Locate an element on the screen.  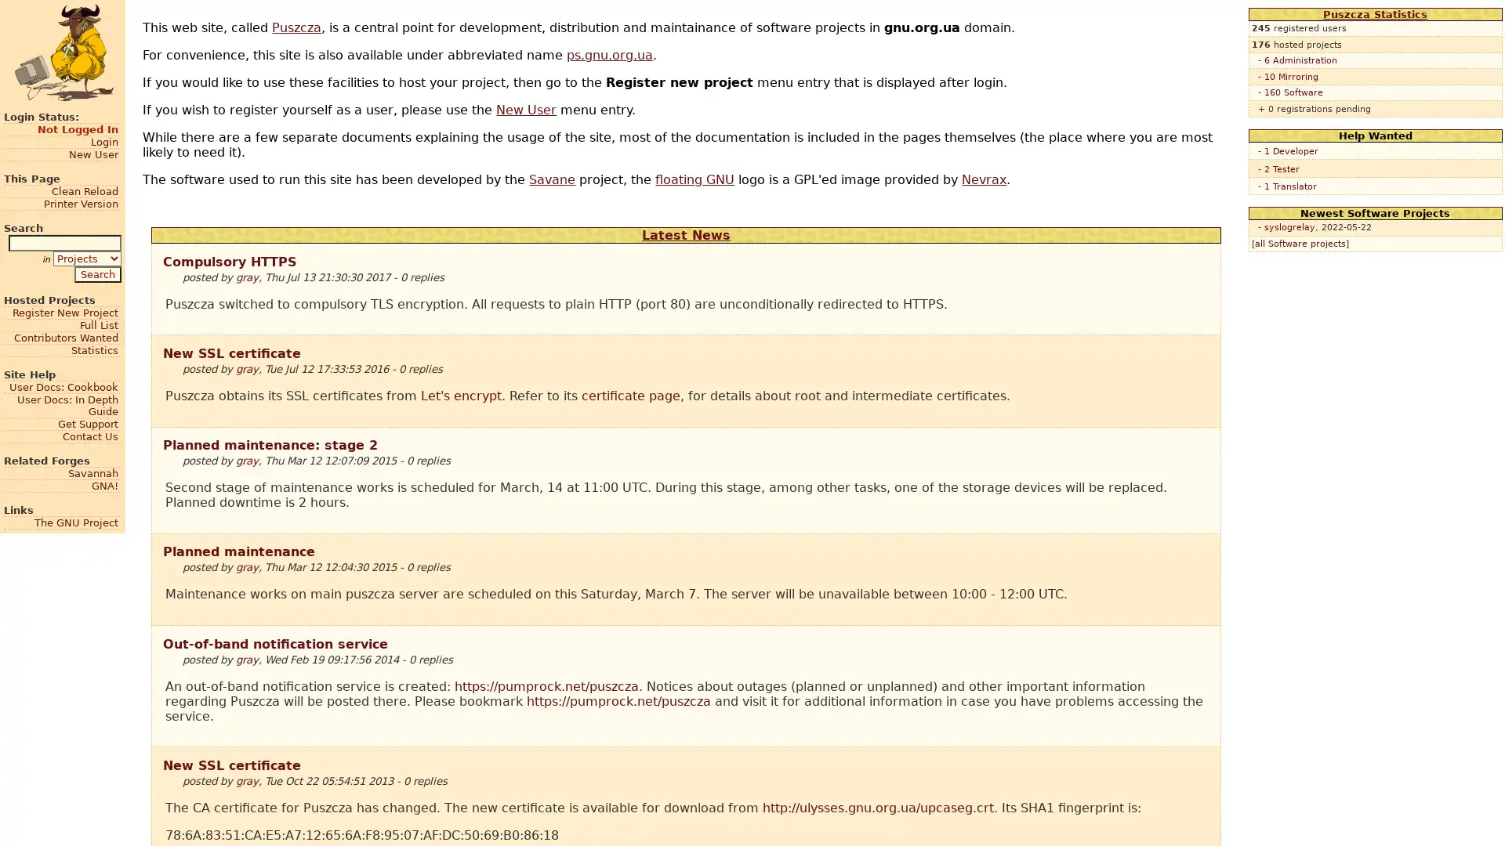
Search is located at coordinates (96, 273).